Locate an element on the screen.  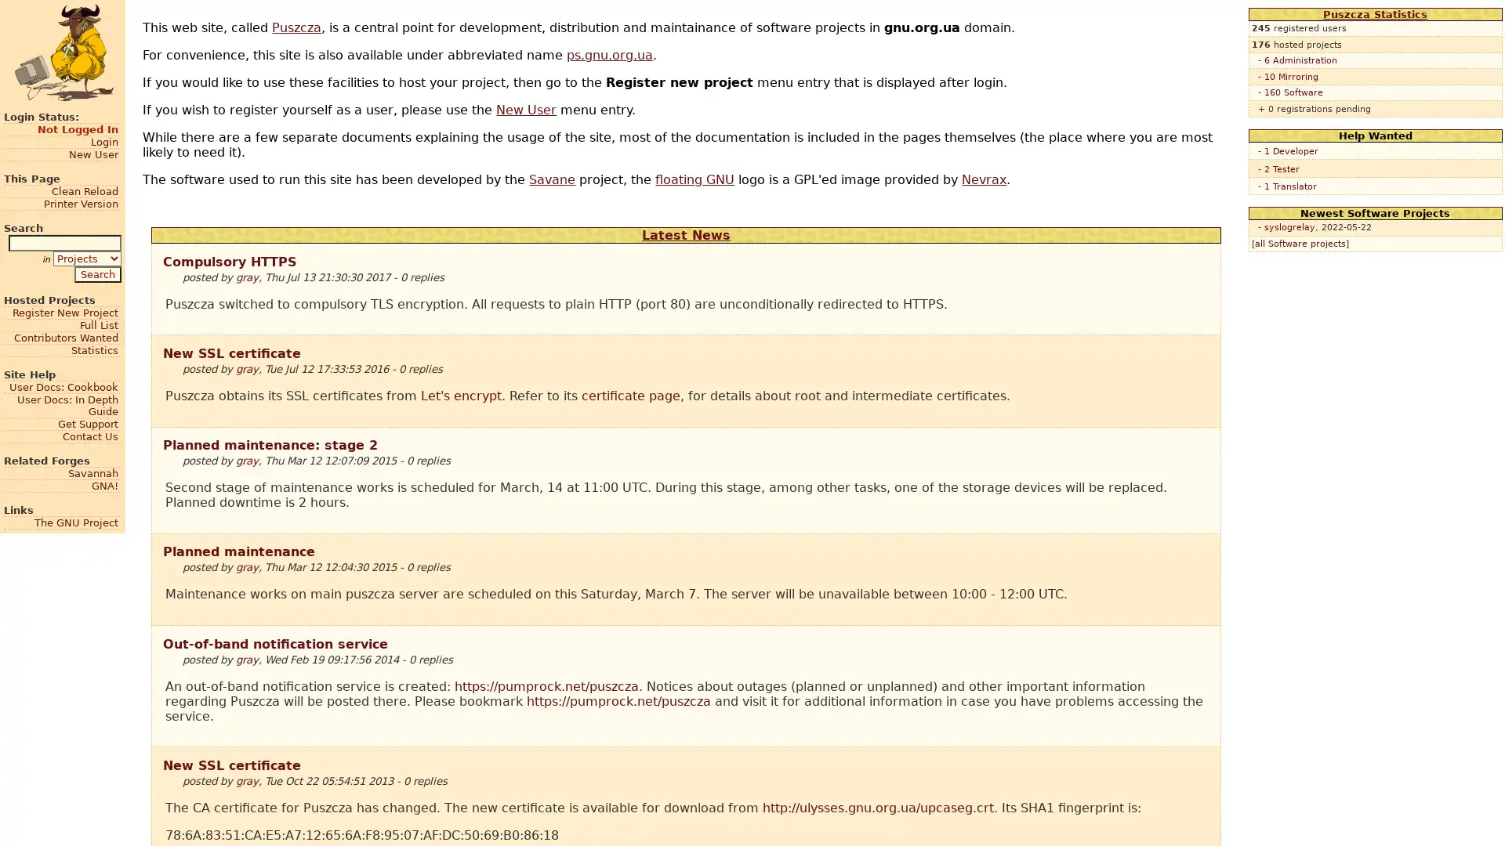
Search is located at coordinates (96, 273).